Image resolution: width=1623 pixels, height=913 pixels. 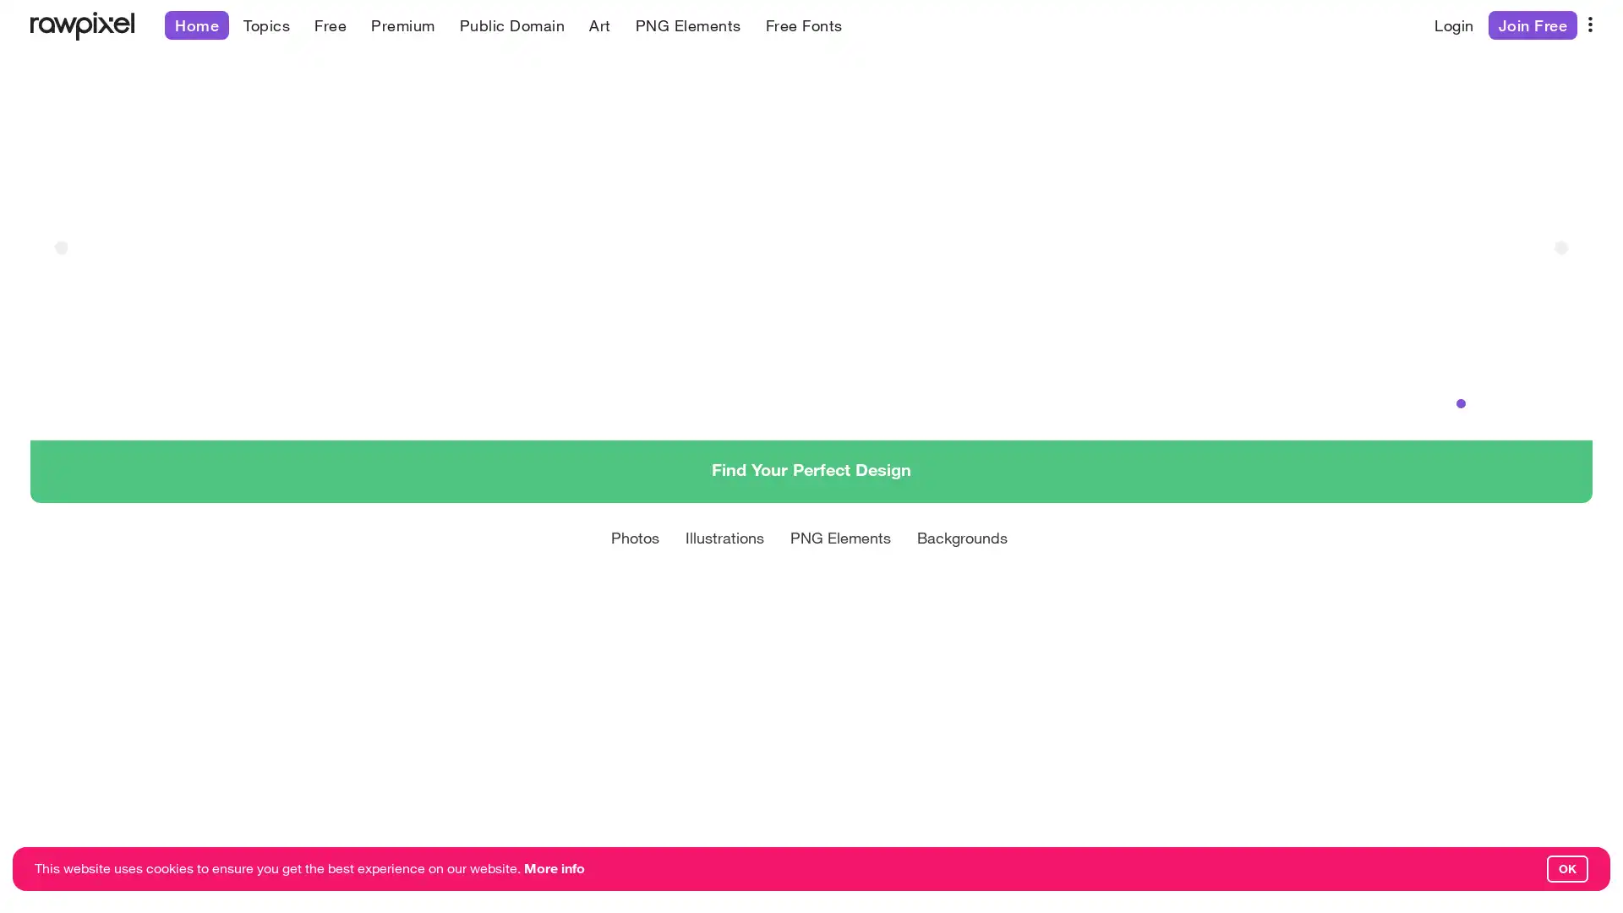 What do you see at coordinates (815, 857) in the screenshot?
I see `Save` at bounding box center [815, 857].